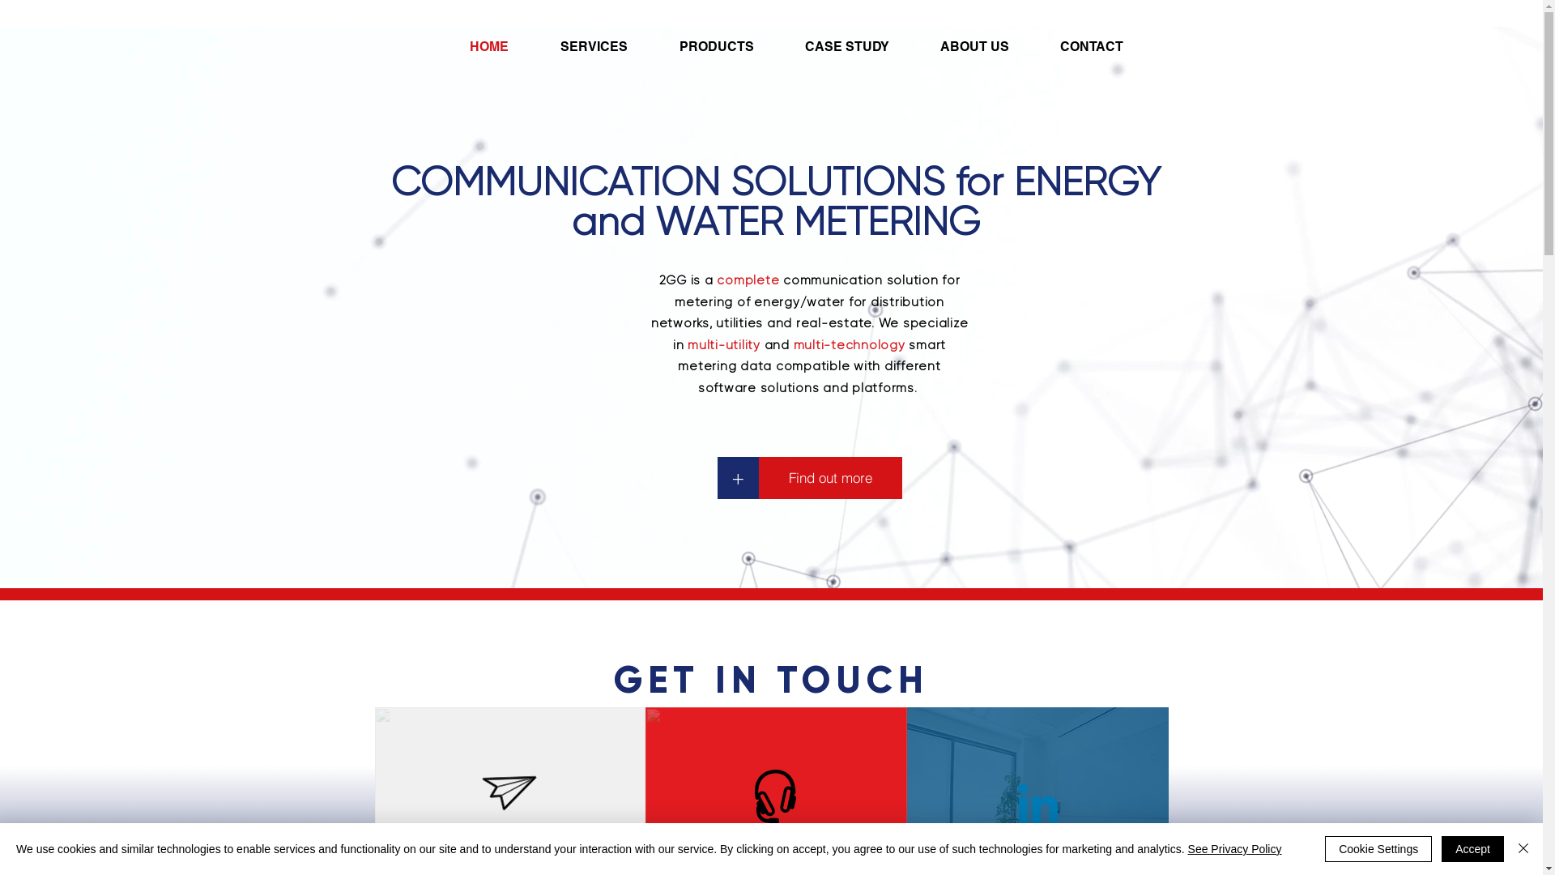 The width and height of the screenshot is (1555, 875). I want to click on '+', so click(738, 477).